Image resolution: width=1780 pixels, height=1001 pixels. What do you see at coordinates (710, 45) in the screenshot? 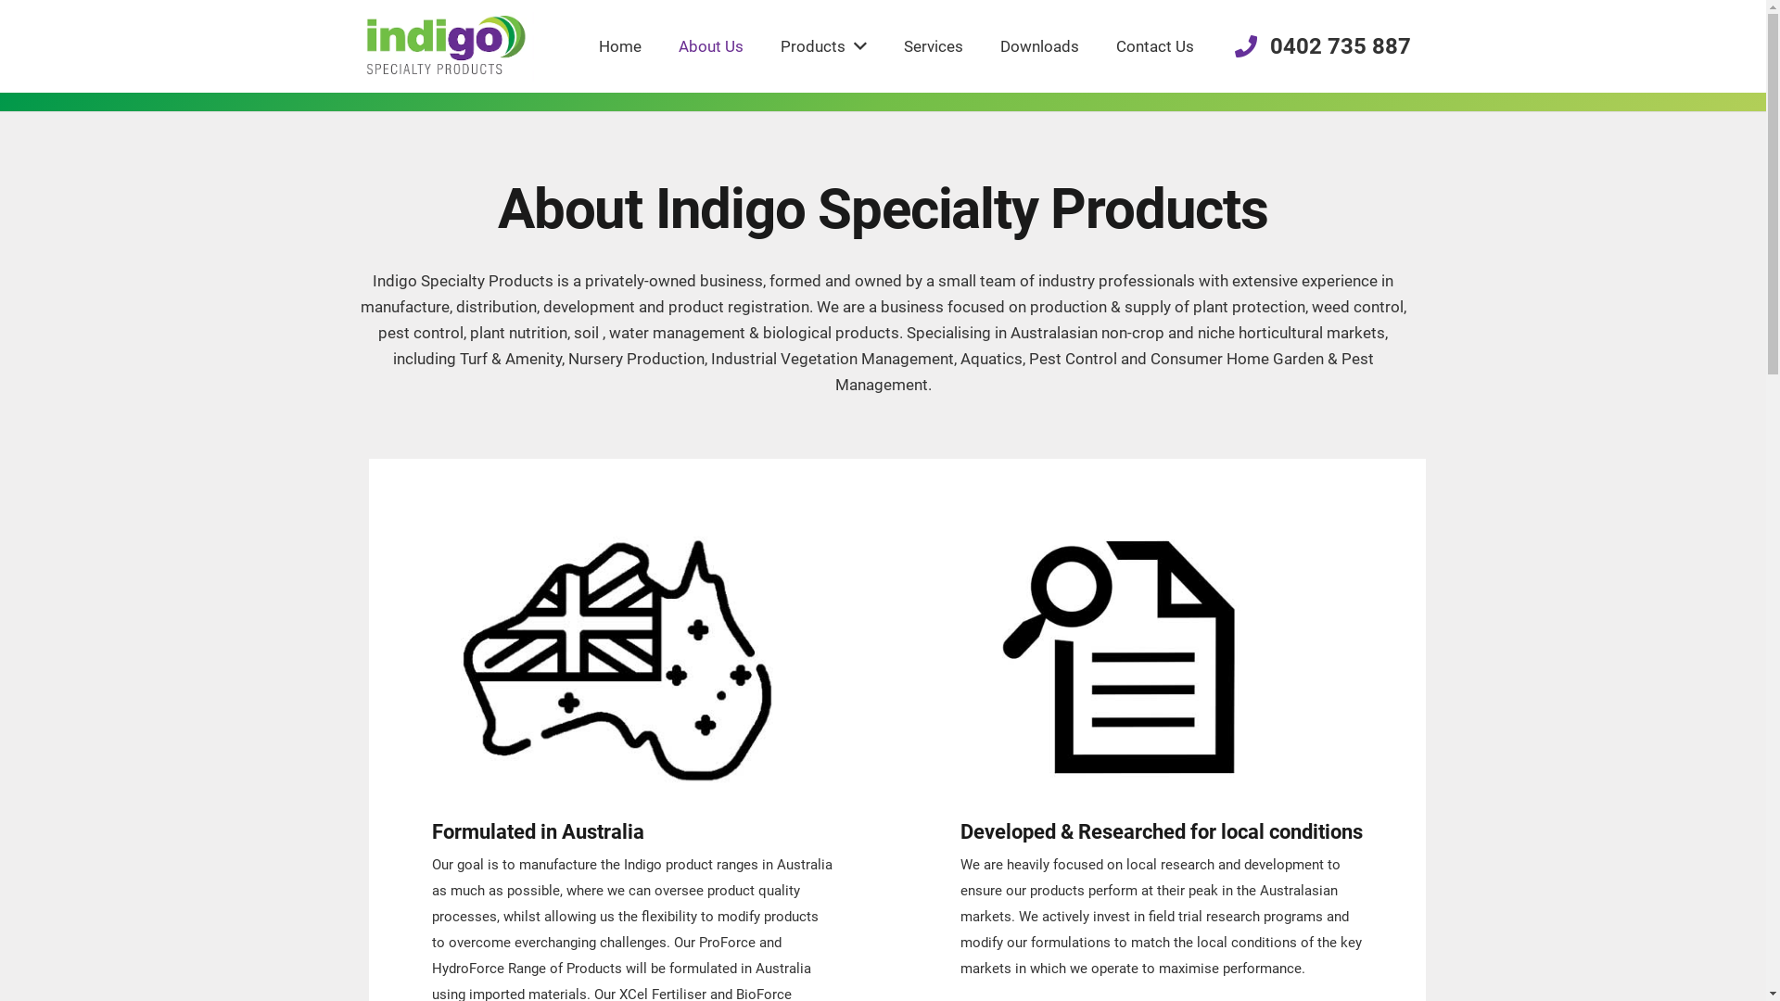
I see `'About Us'` at bounding box center [710, 45].